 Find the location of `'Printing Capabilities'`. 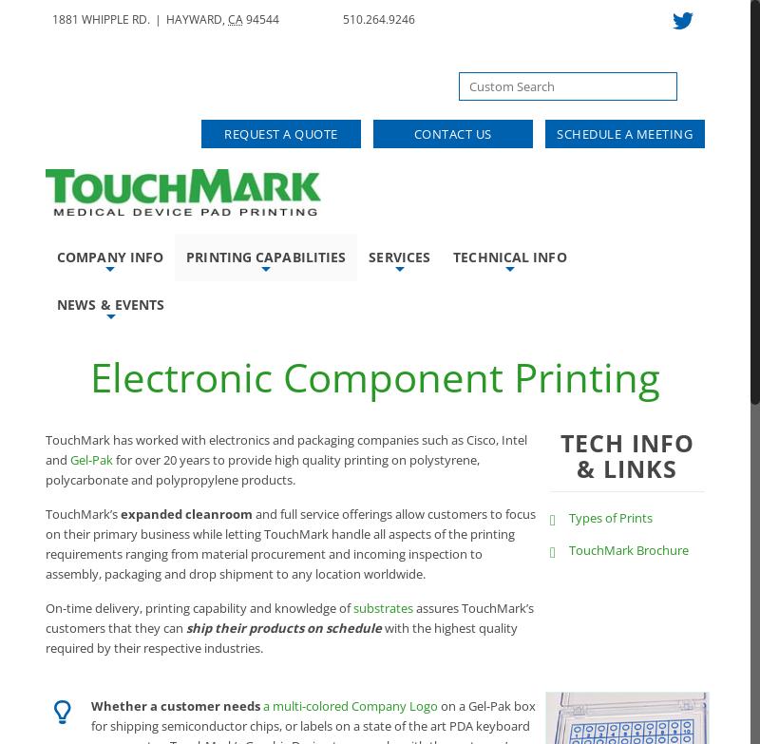

'Printing Capabilities' is located at coordinates (266, 257).